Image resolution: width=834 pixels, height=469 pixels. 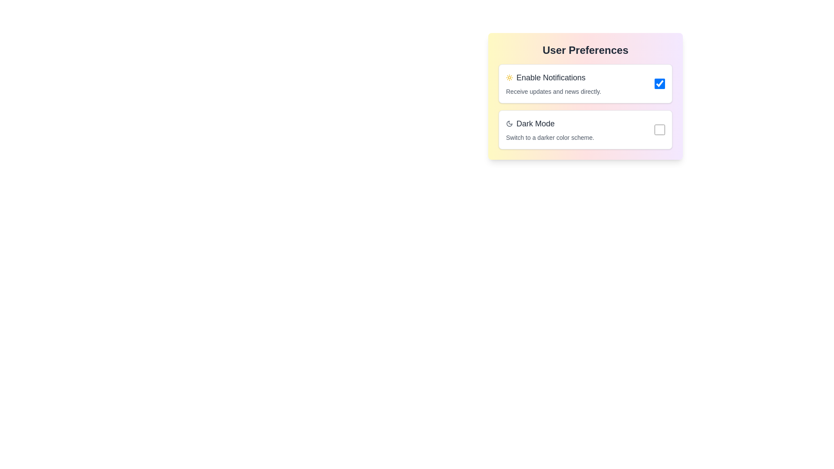 What do you see at coordinates (553, 83) in the screenshot?
I see `the 'Enable Notifications' text block, which includes the title in bold and a subtitle in muted gray, located in the upper section of the user preferences panel` at bounding box center [553, 83].